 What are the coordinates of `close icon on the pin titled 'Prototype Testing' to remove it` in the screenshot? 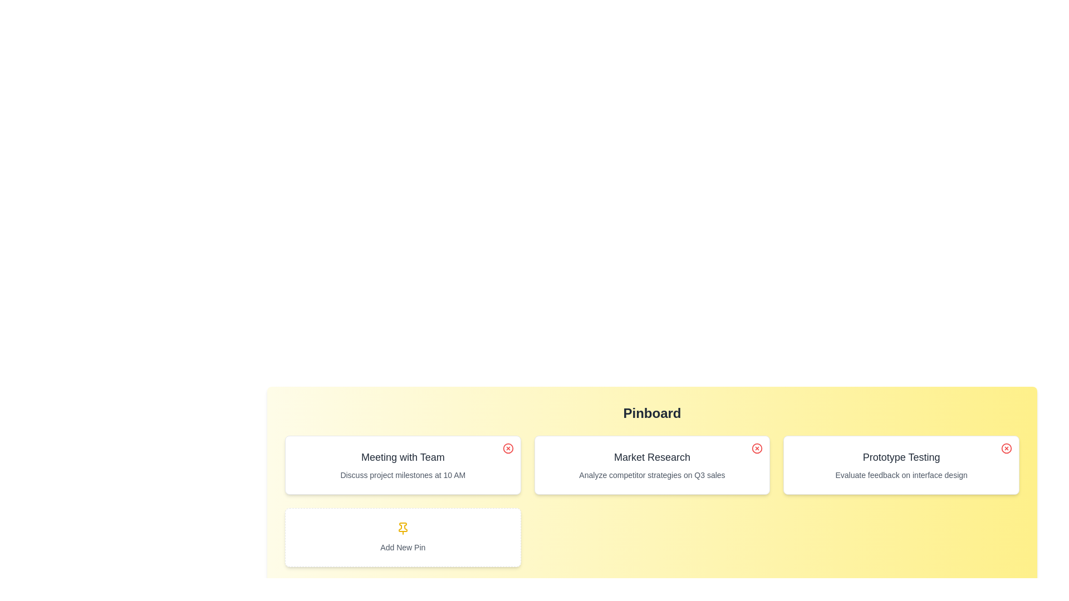 It's located at (1007, 448).